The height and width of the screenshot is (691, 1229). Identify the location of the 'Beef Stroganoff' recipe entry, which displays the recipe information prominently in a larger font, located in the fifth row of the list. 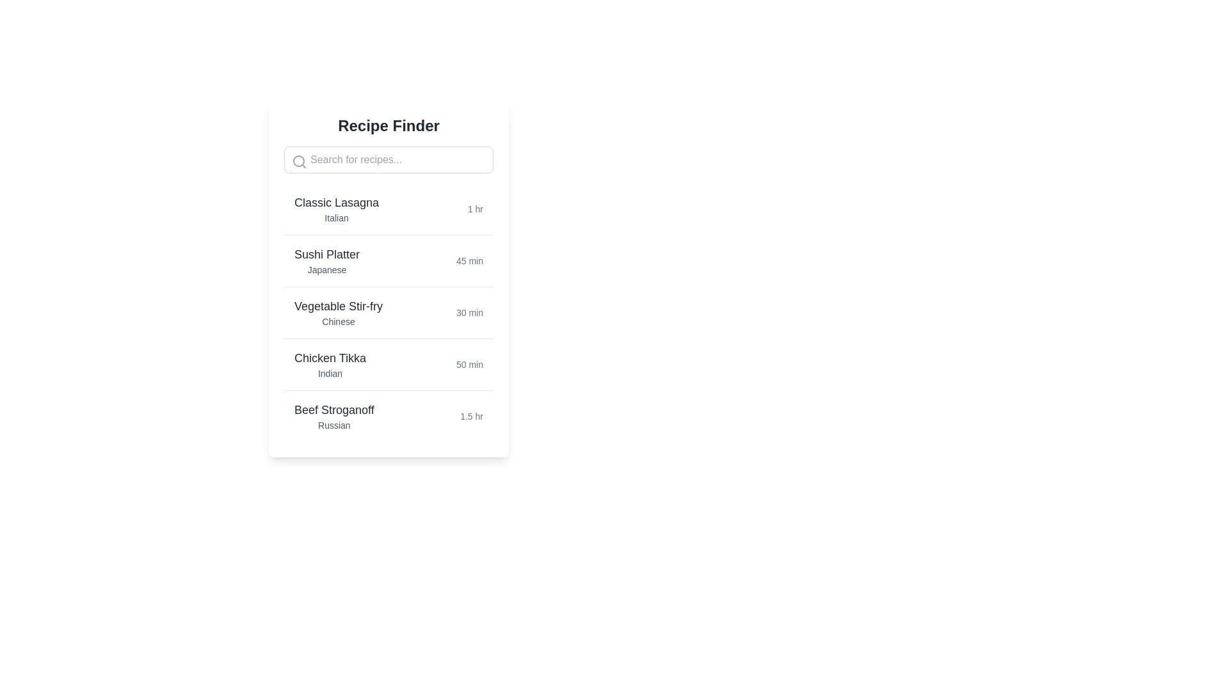
(388, 416).